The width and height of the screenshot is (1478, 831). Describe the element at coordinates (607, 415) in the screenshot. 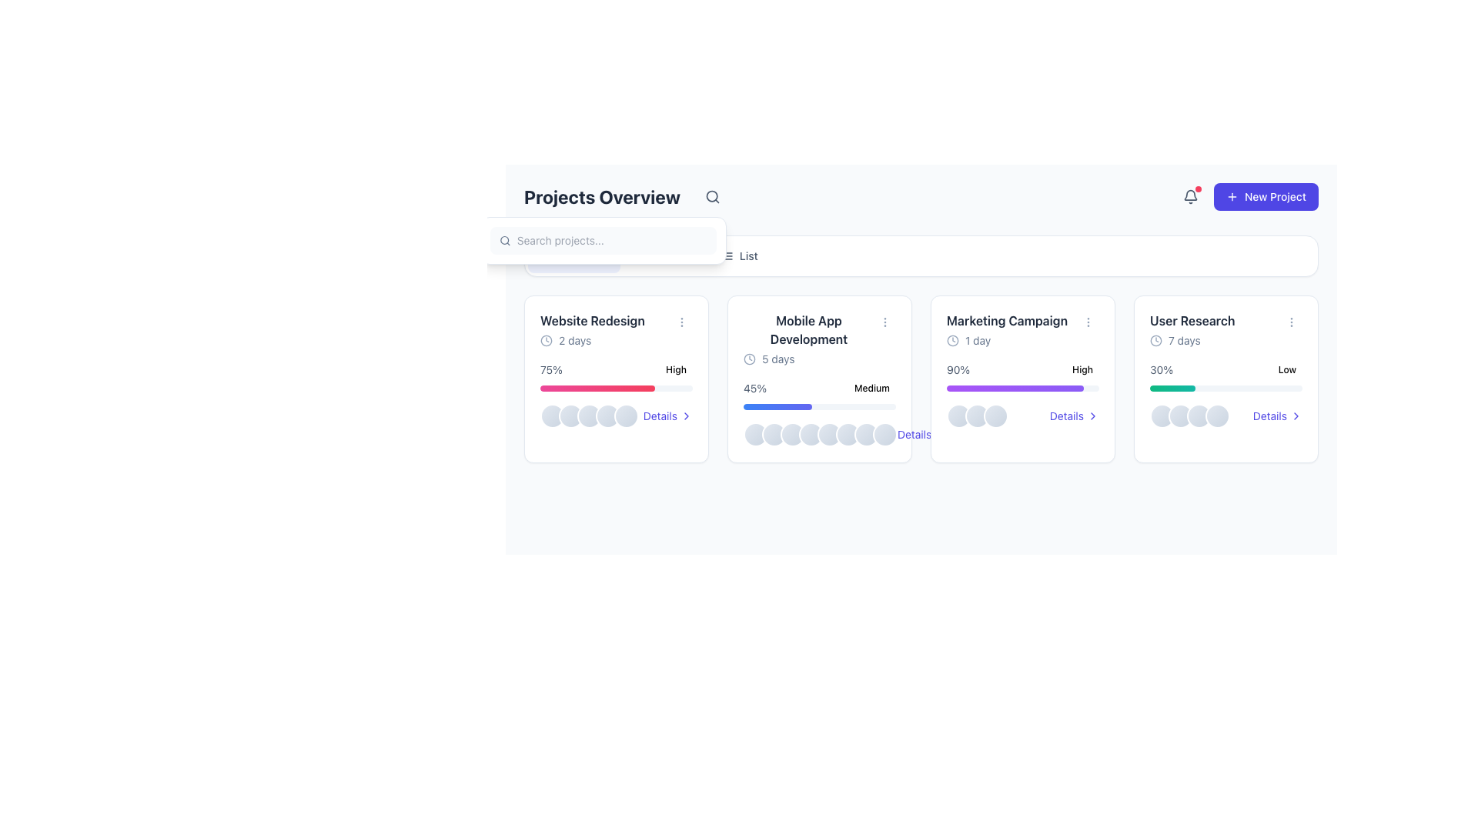

I see `the fourth circular avatar-like widget with a gradient background and white border, located in the 'Website Redesign' card` at that location.